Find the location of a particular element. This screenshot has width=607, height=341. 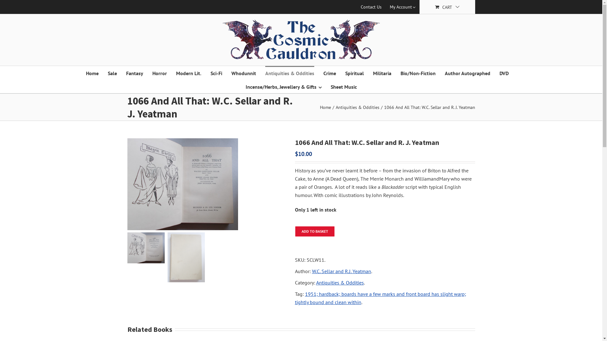

'Home' is located at coordinates (325, 107).